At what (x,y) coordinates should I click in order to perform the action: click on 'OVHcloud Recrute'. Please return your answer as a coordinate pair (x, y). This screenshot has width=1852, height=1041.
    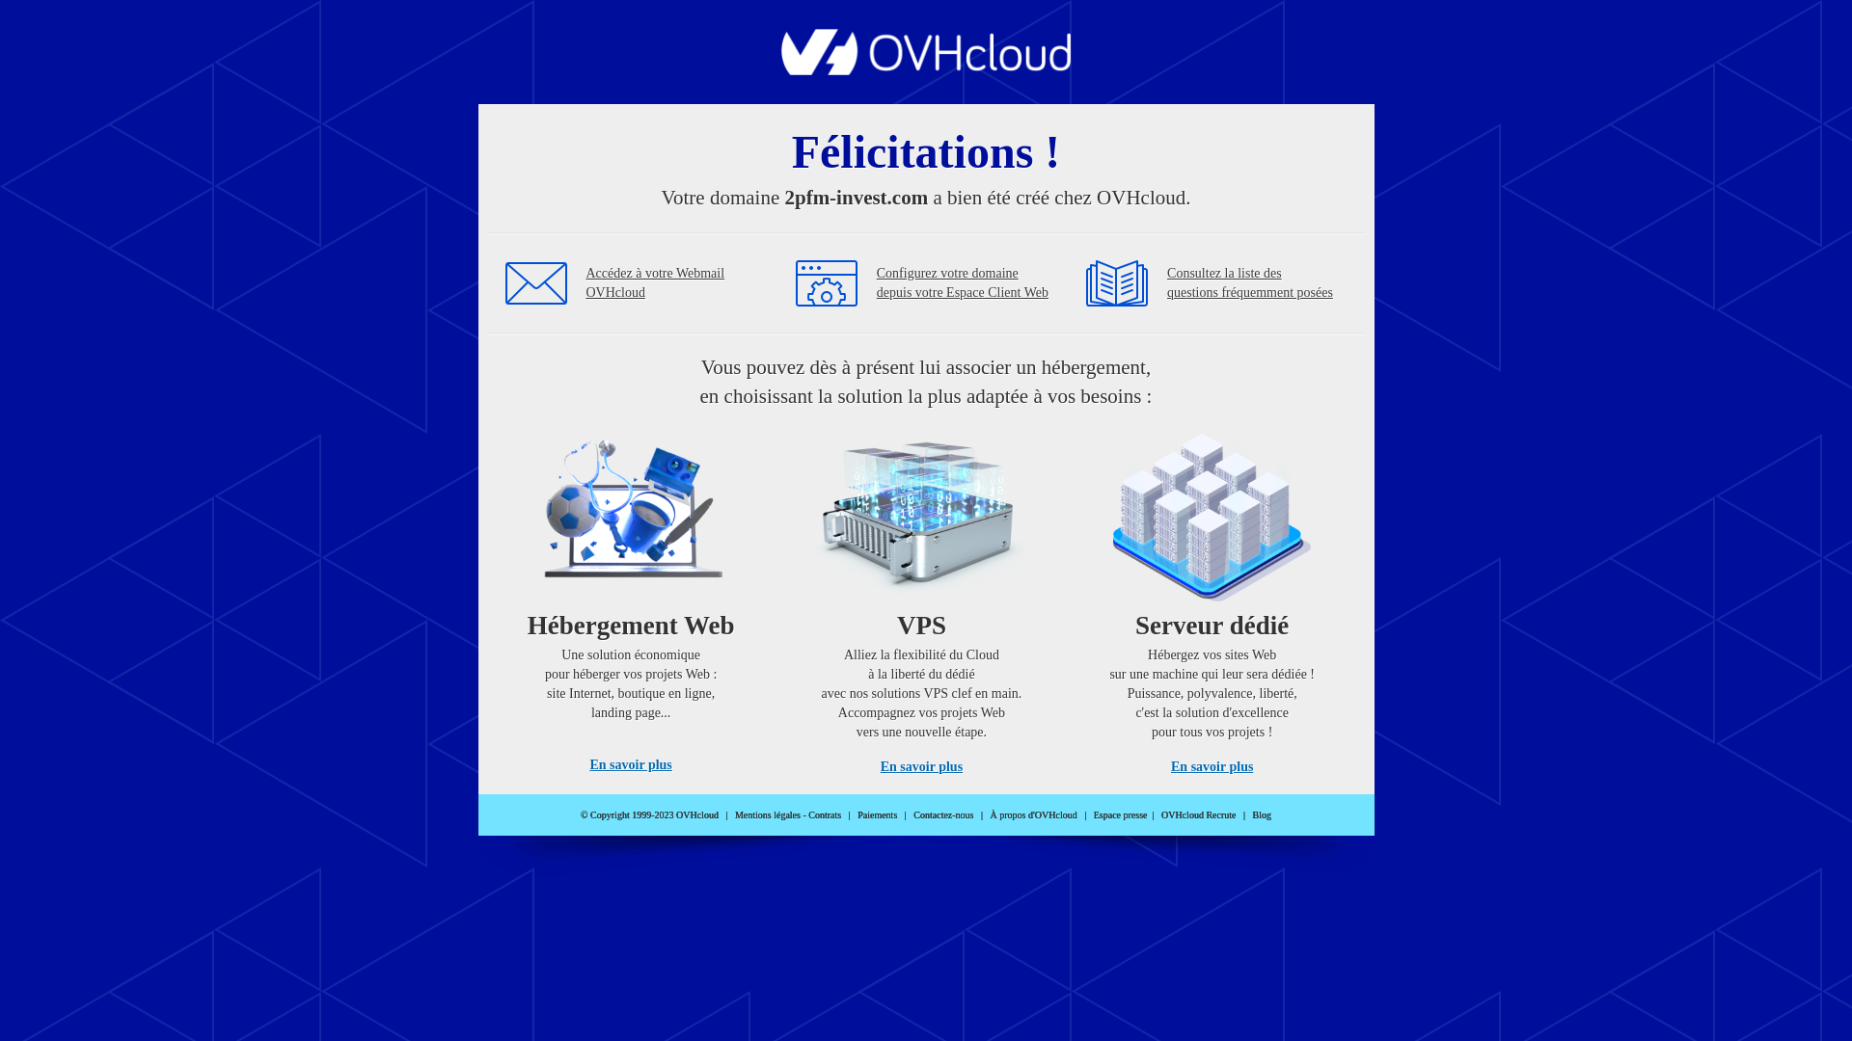
    Looking at the image, I should click on (1160, 814).